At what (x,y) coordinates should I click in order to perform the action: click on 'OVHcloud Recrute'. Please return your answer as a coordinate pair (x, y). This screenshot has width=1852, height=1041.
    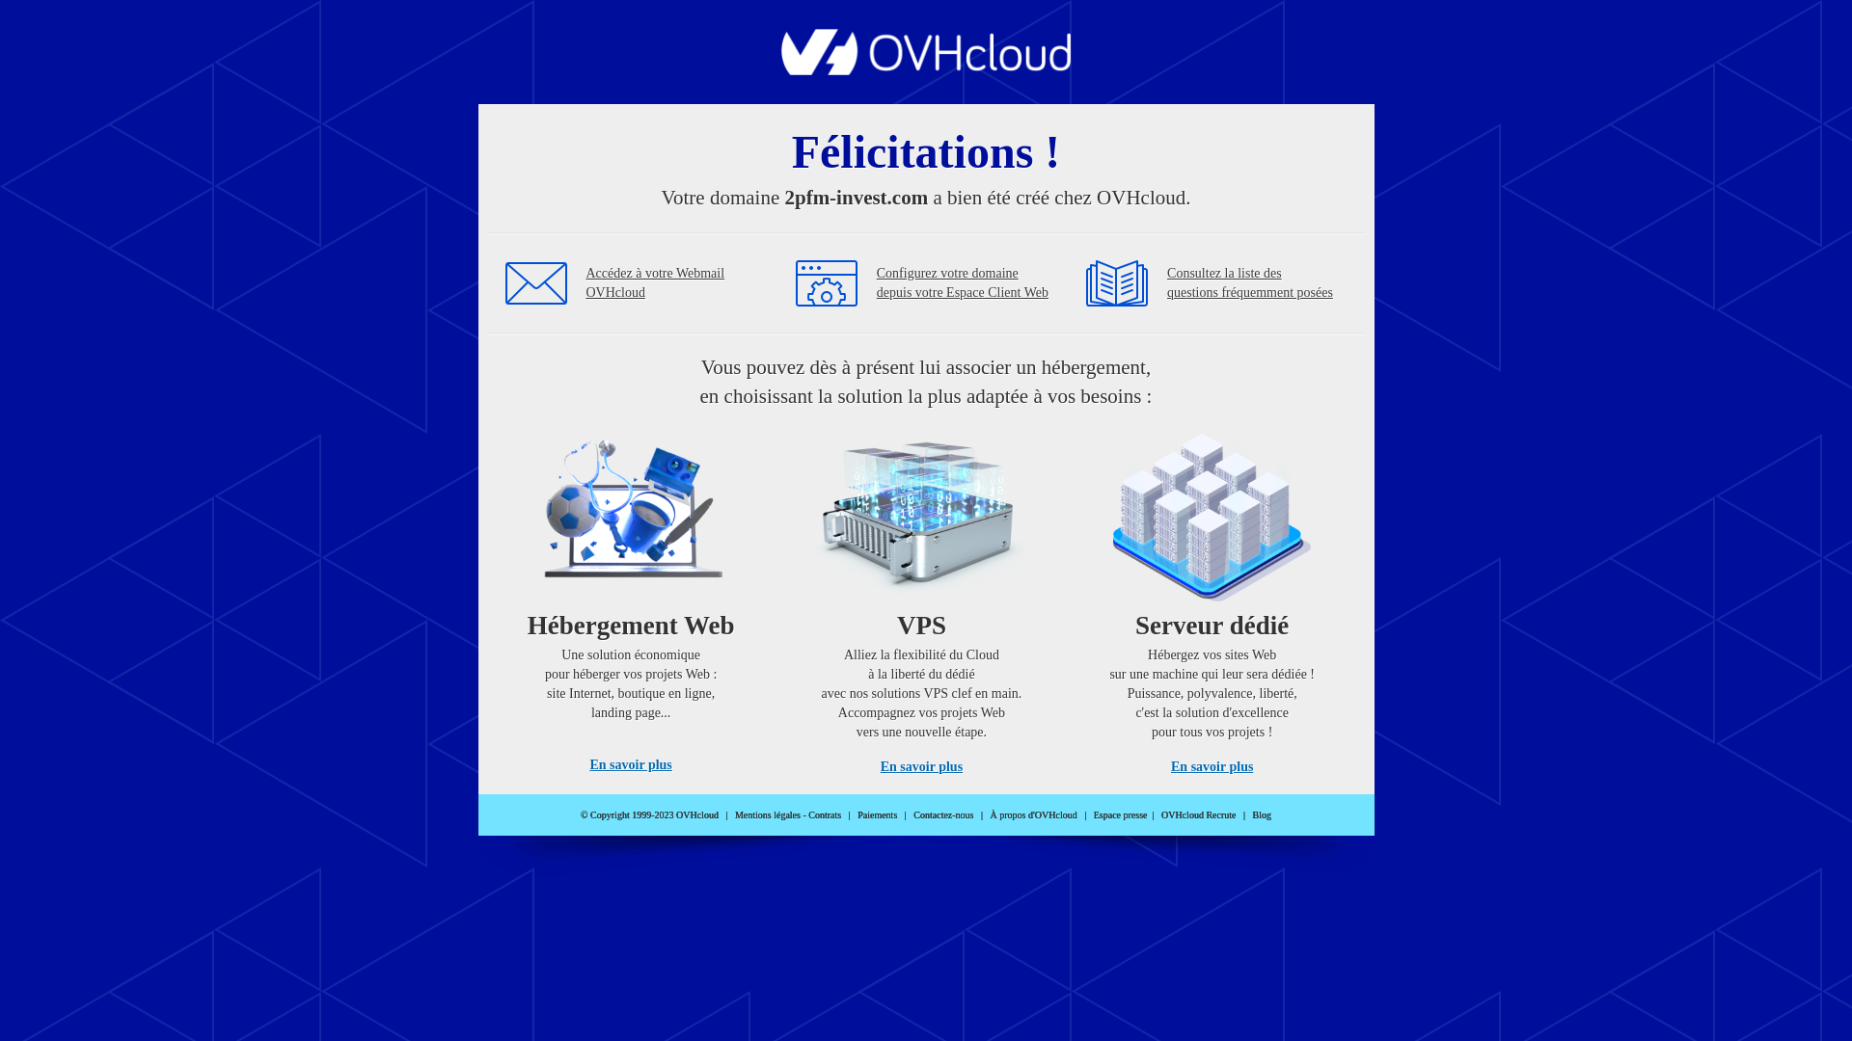
    Looking at the image, I should click on (1160, 814).